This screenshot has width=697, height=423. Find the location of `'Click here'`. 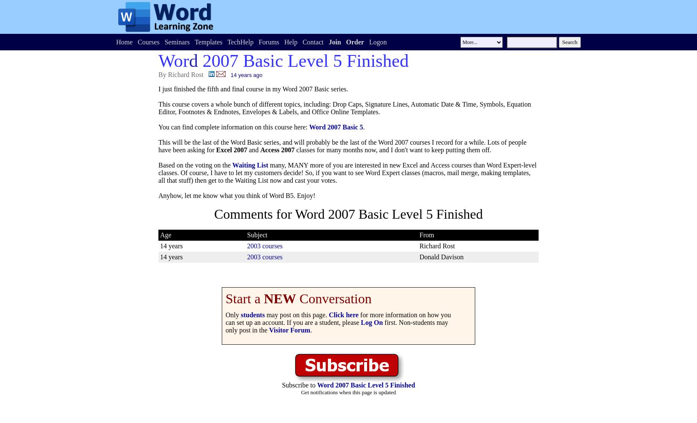

'Click here' is located at coordinates (343, 314).